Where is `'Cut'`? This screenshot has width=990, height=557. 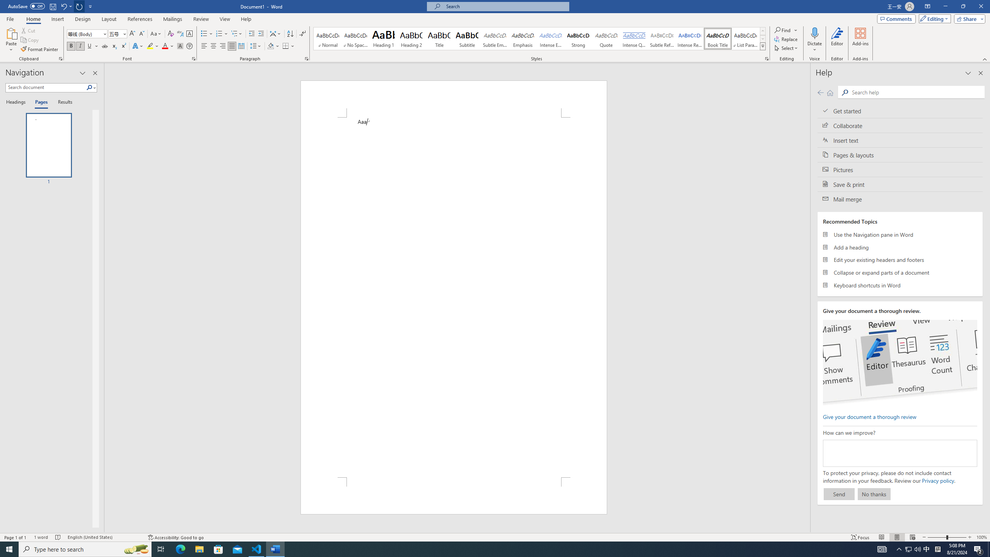
'Cut' is located at coordinates (28, 30).